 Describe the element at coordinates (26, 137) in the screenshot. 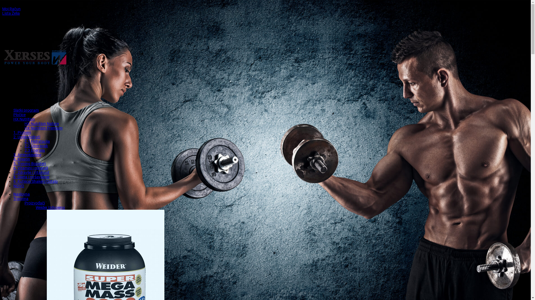

I see `'2. Ugljikohidrati'` at that location.